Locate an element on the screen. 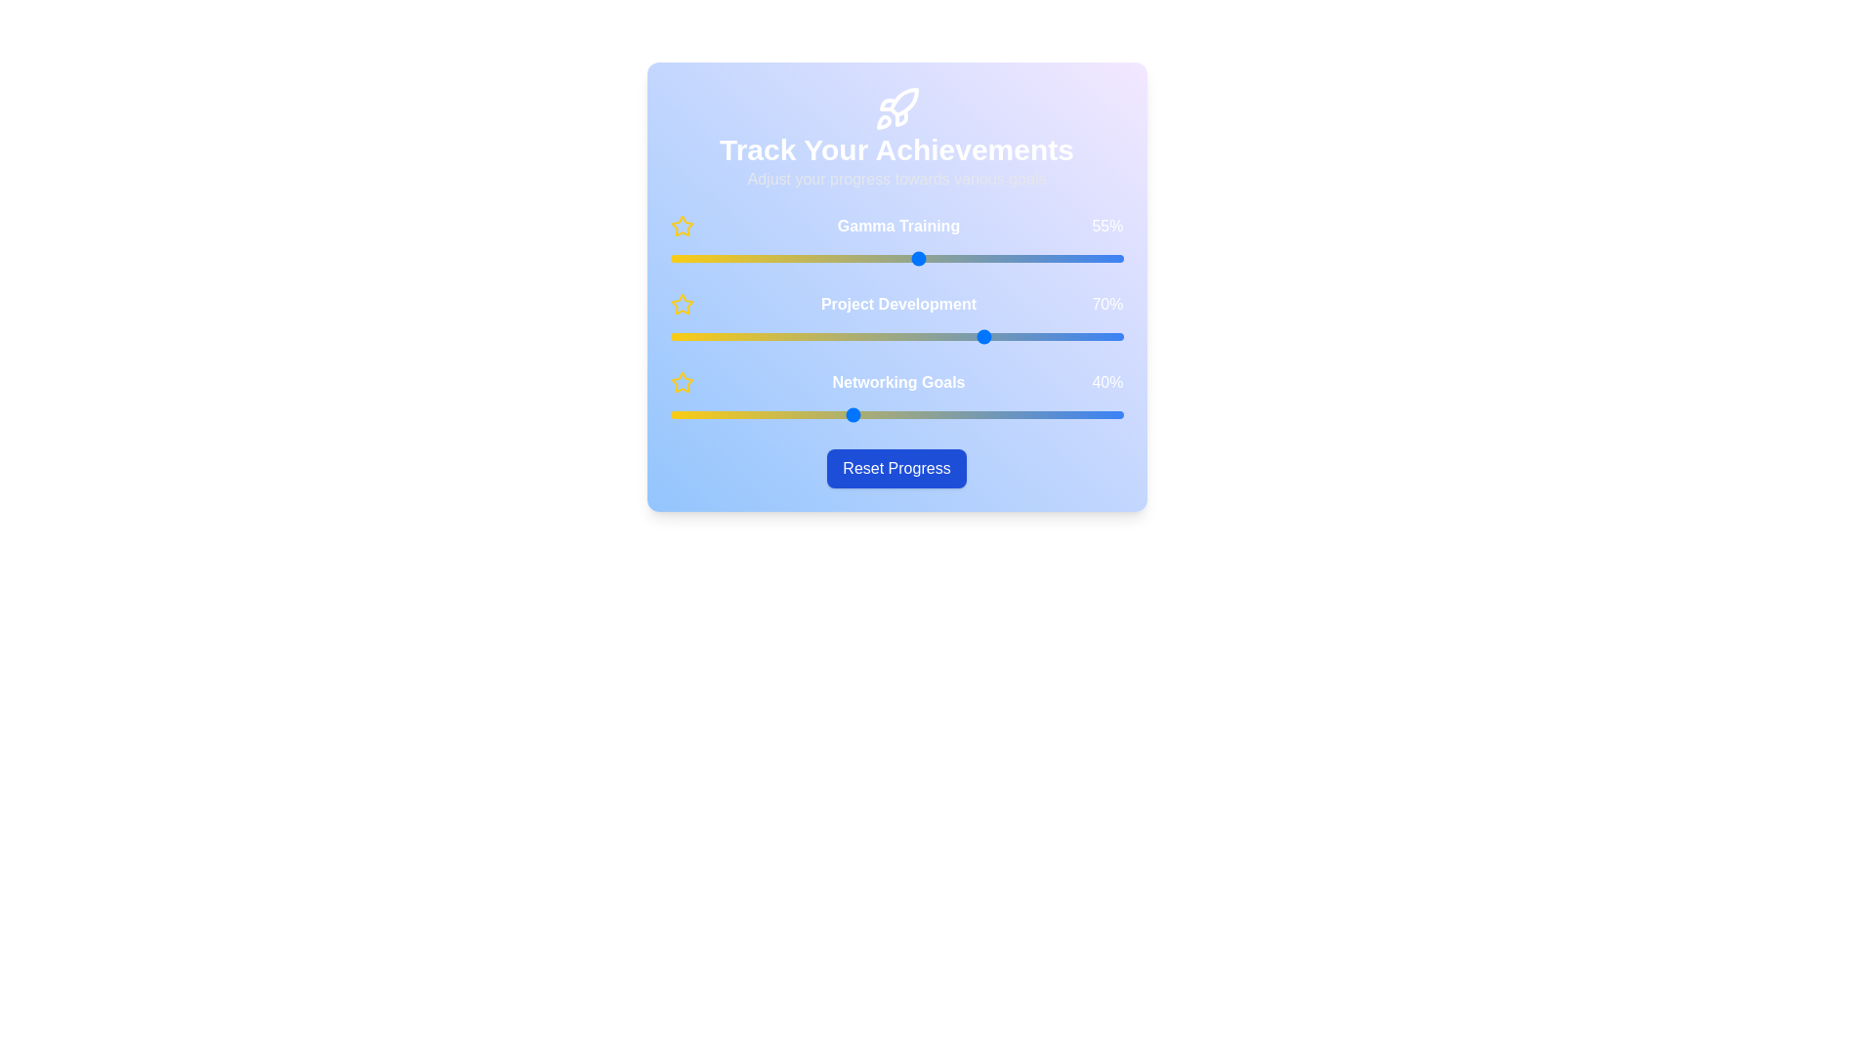  'Reset Progress' button to reset all progress values is located at coordinates (896, 468).